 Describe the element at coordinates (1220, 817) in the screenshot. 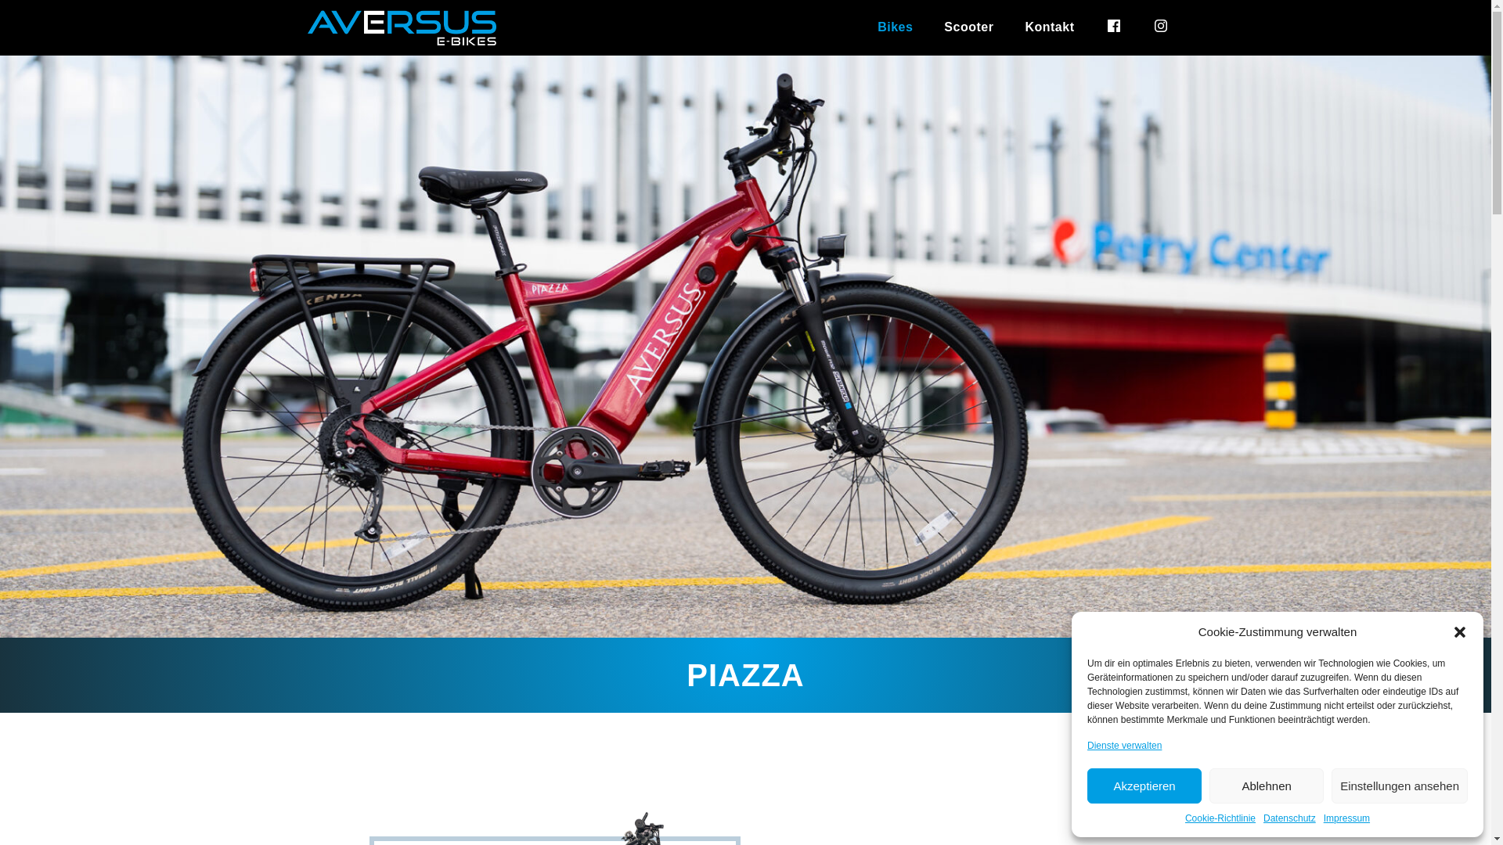

I see `'Cookie-Richtlinie'` at that location.